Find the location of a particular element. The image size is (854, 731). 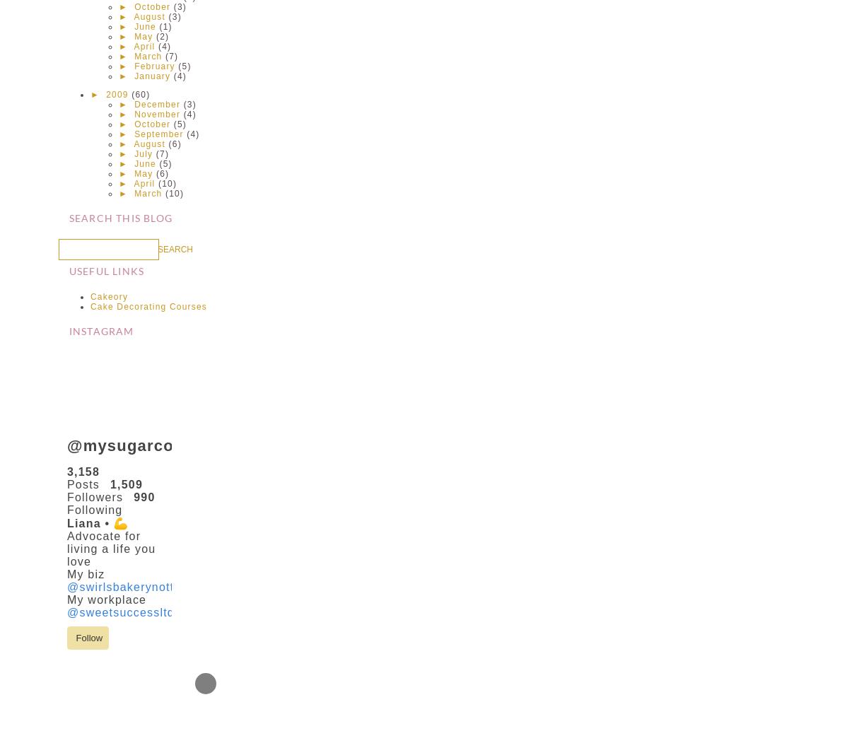

'Cake Decorating Courses' is located at coordinates (148, 305).